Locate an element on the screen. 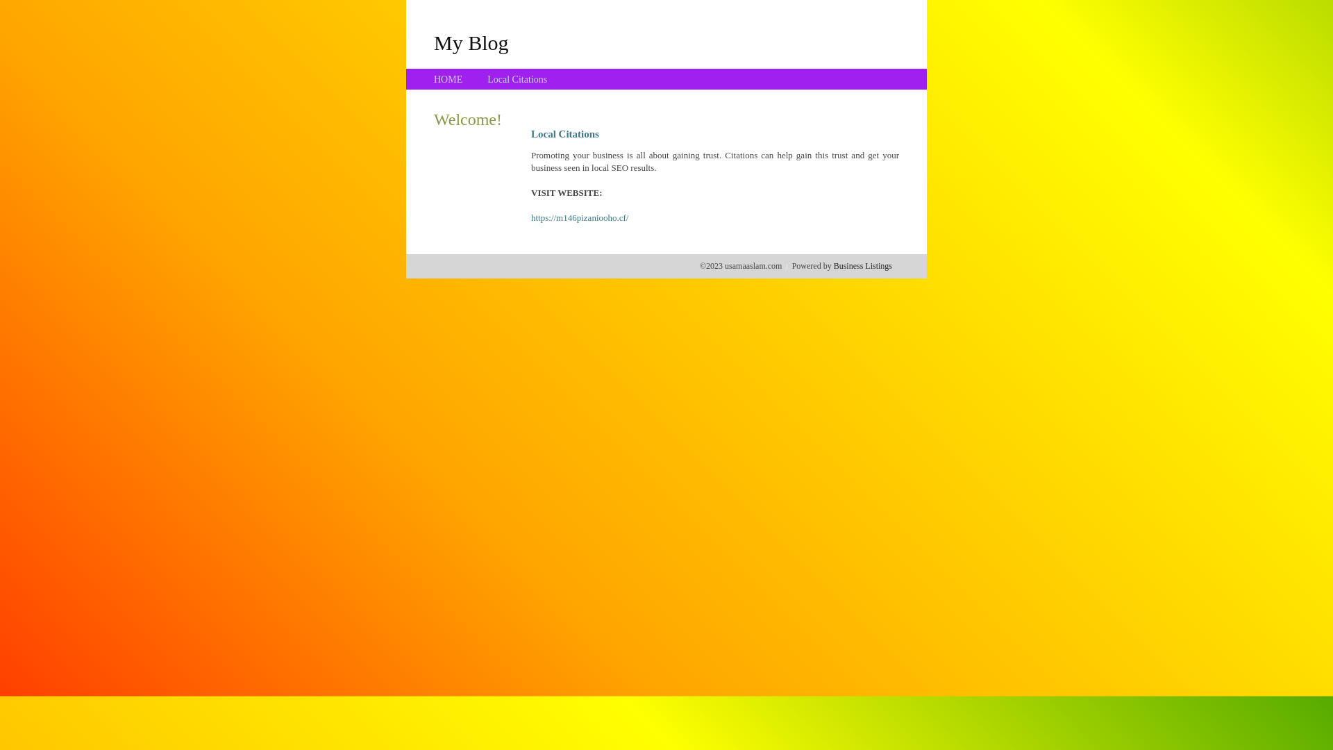 The width and height of the screenshot is (1333, 750). 'https://m146pizaniooho.cf/' is located at coordinates (580, 217).